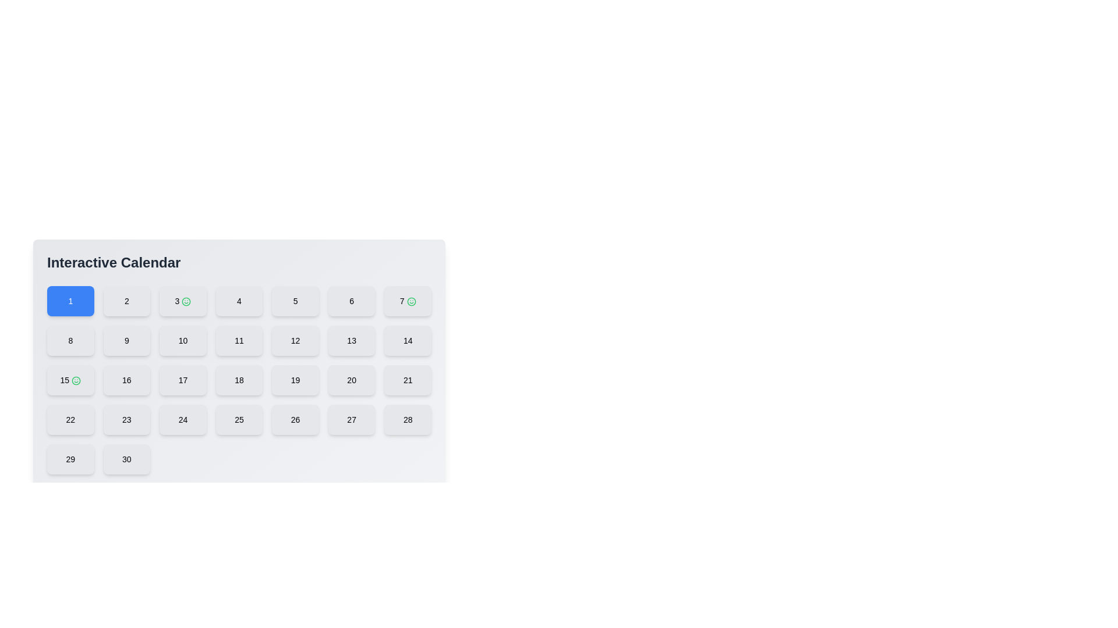  Describe the element at coordinates (351, 380) in the screenshot. I see `the interactive calendar day button representing the 20th day of the month` at that location.